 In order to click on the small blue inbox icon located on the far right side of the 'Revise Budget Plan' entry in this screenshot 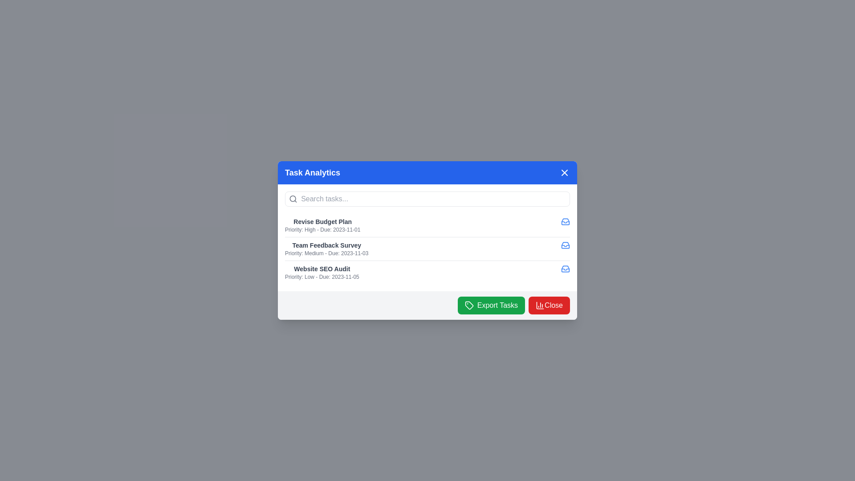, I will do `click(565, 221)`.